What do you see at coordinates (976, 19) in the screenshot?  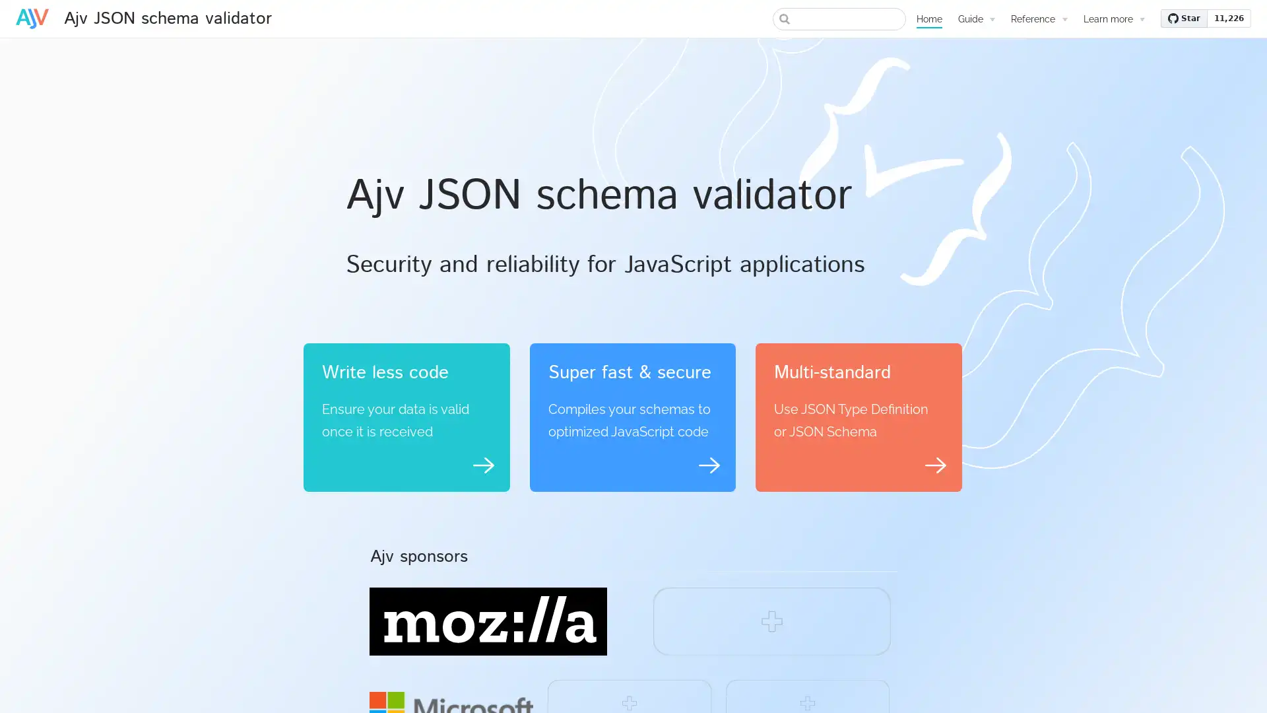 I see `Guide` at bounding box center [976, 19].